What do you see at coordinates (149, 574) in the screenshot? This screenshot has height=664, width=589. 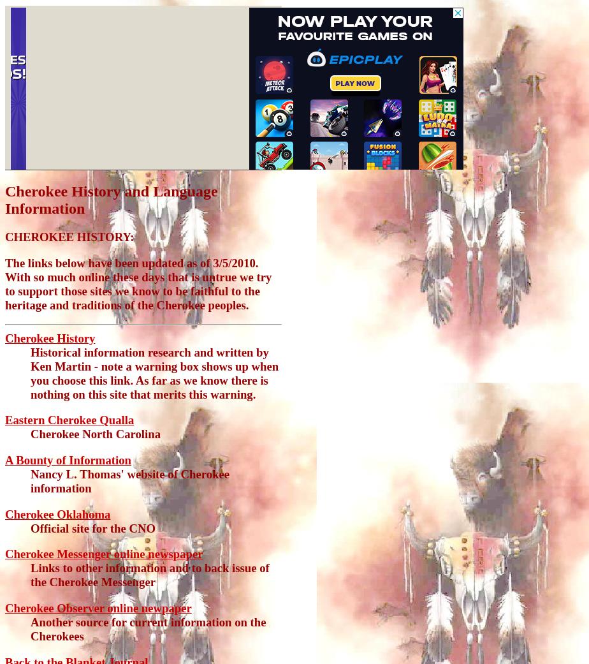 I see `'Links to other information and to back issue of the Cherokee Messenger'` at bounding box center [149, 574].